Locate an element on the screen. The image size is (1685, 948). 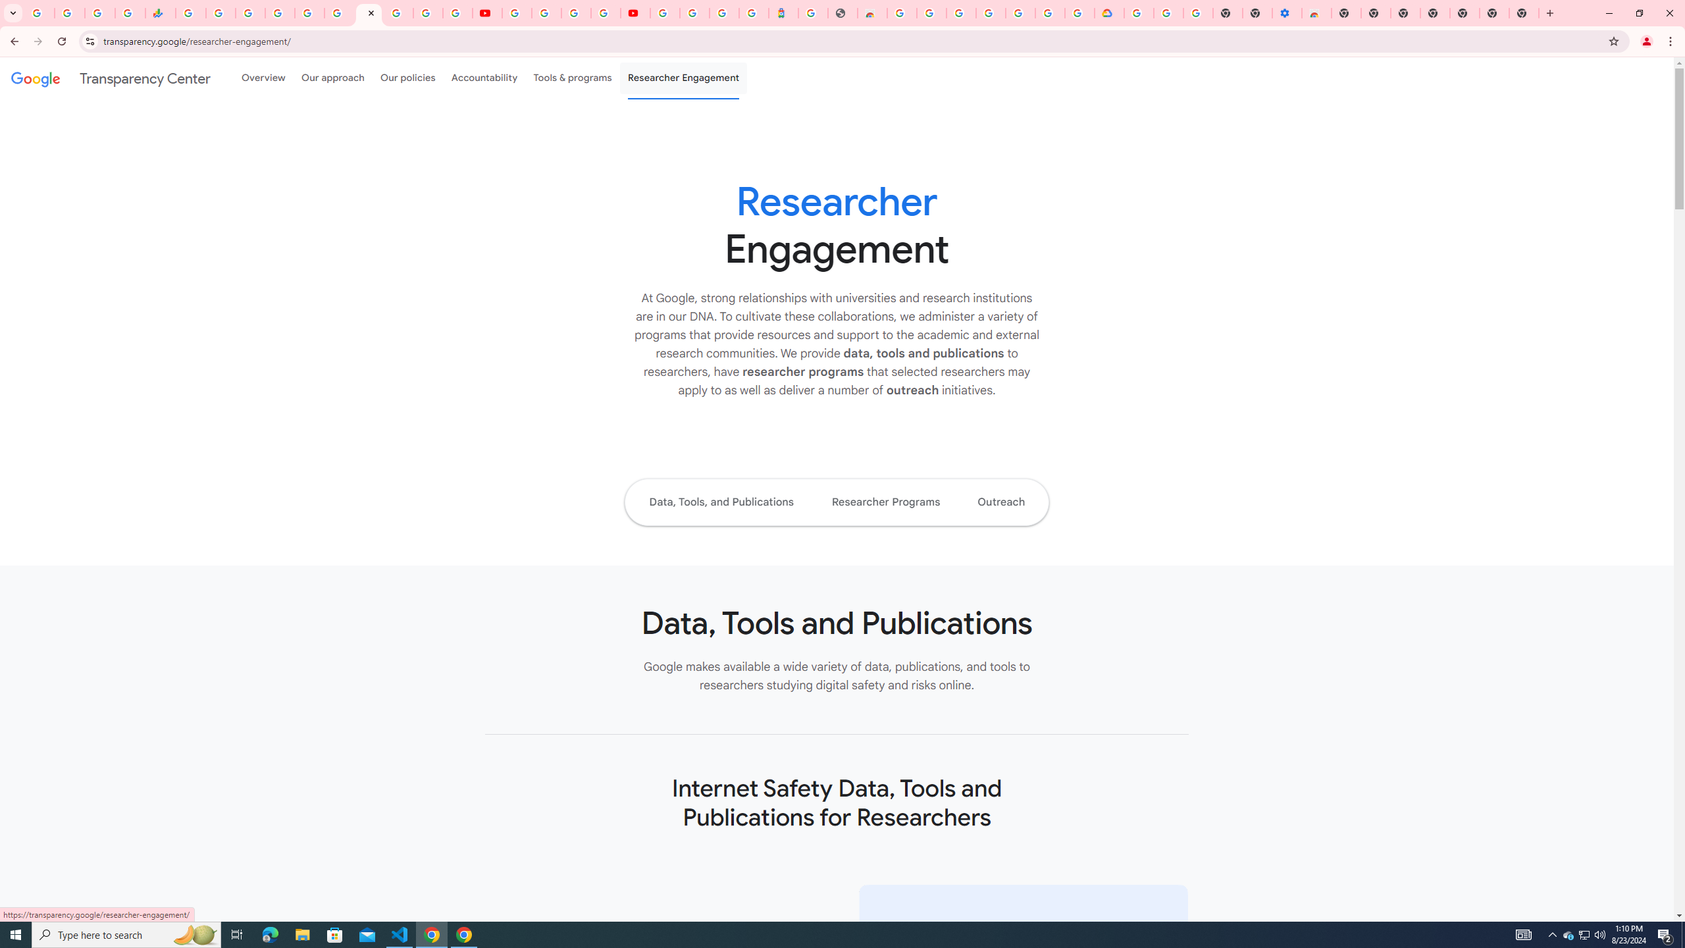
'New Tab' is located at coordinates (1465, 13).